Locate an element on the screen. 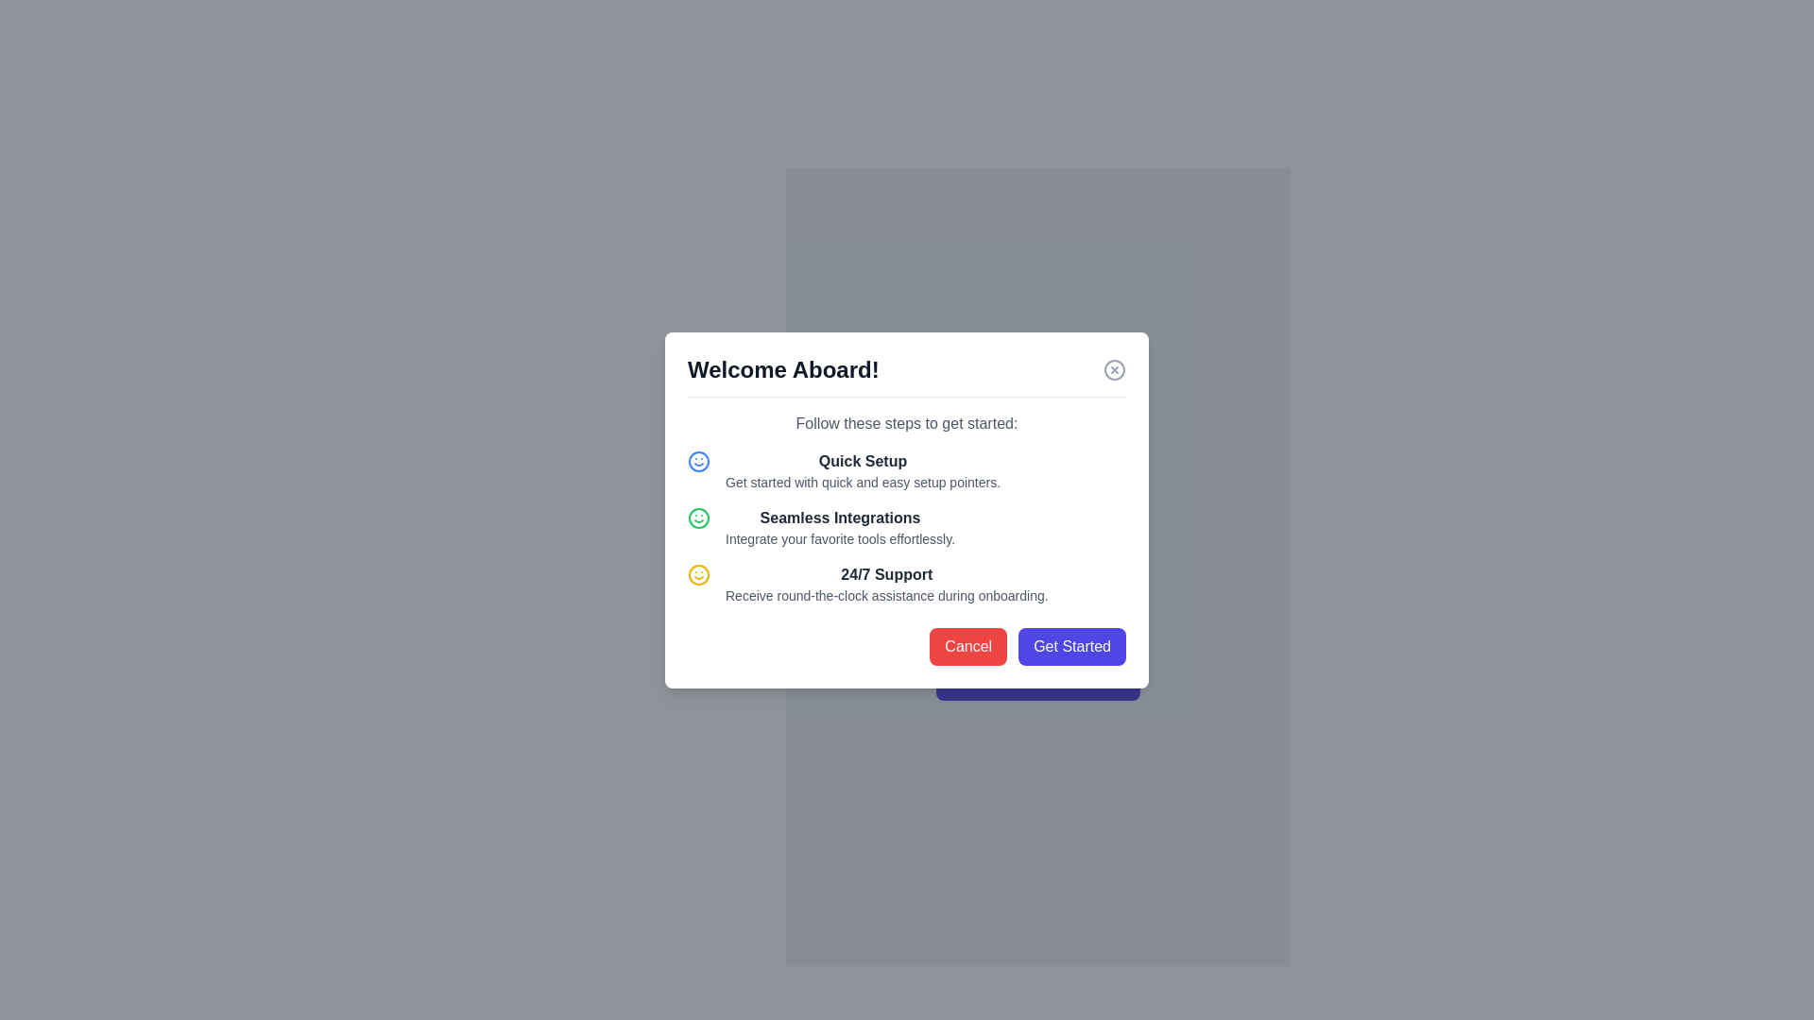 This screenshot has width=1814, height=1020. the text block that provides information about the benefit of receiving continuous support during onboarding, located in the modal dialog between 'Seamless Integrations' and the action buttons is located at coordinates (885, 583).